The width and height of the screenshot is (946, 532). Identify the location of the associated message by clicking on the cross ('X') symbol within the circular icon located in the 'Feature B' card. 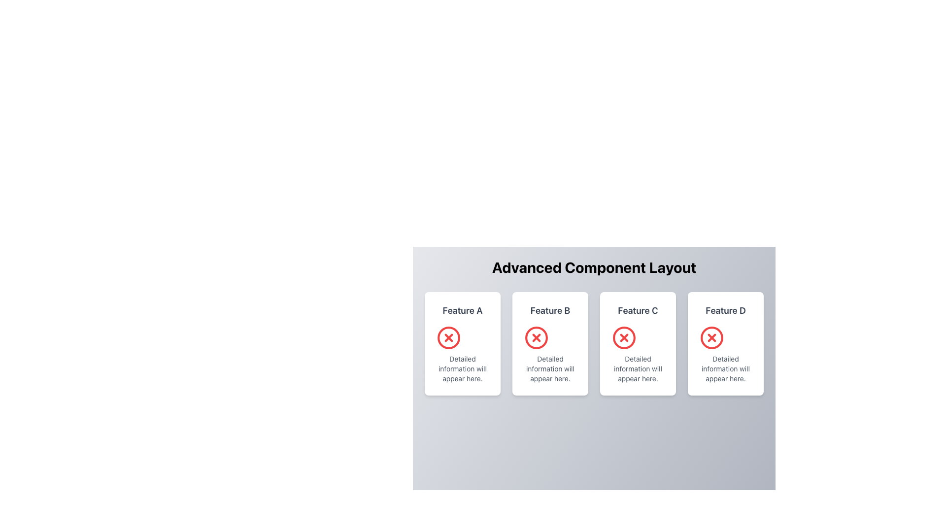
(536, 337).